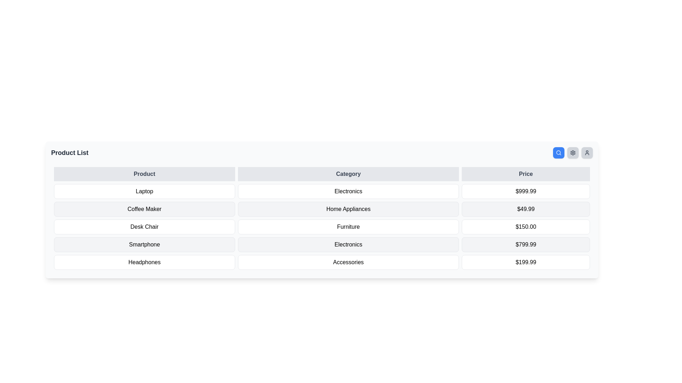  What do you see at coordinates (526, 191) in the screenshot?
I see `the table cell displaying the price '$999.99' in the Price column for the Laptop row` at bounding box center [526, 191].